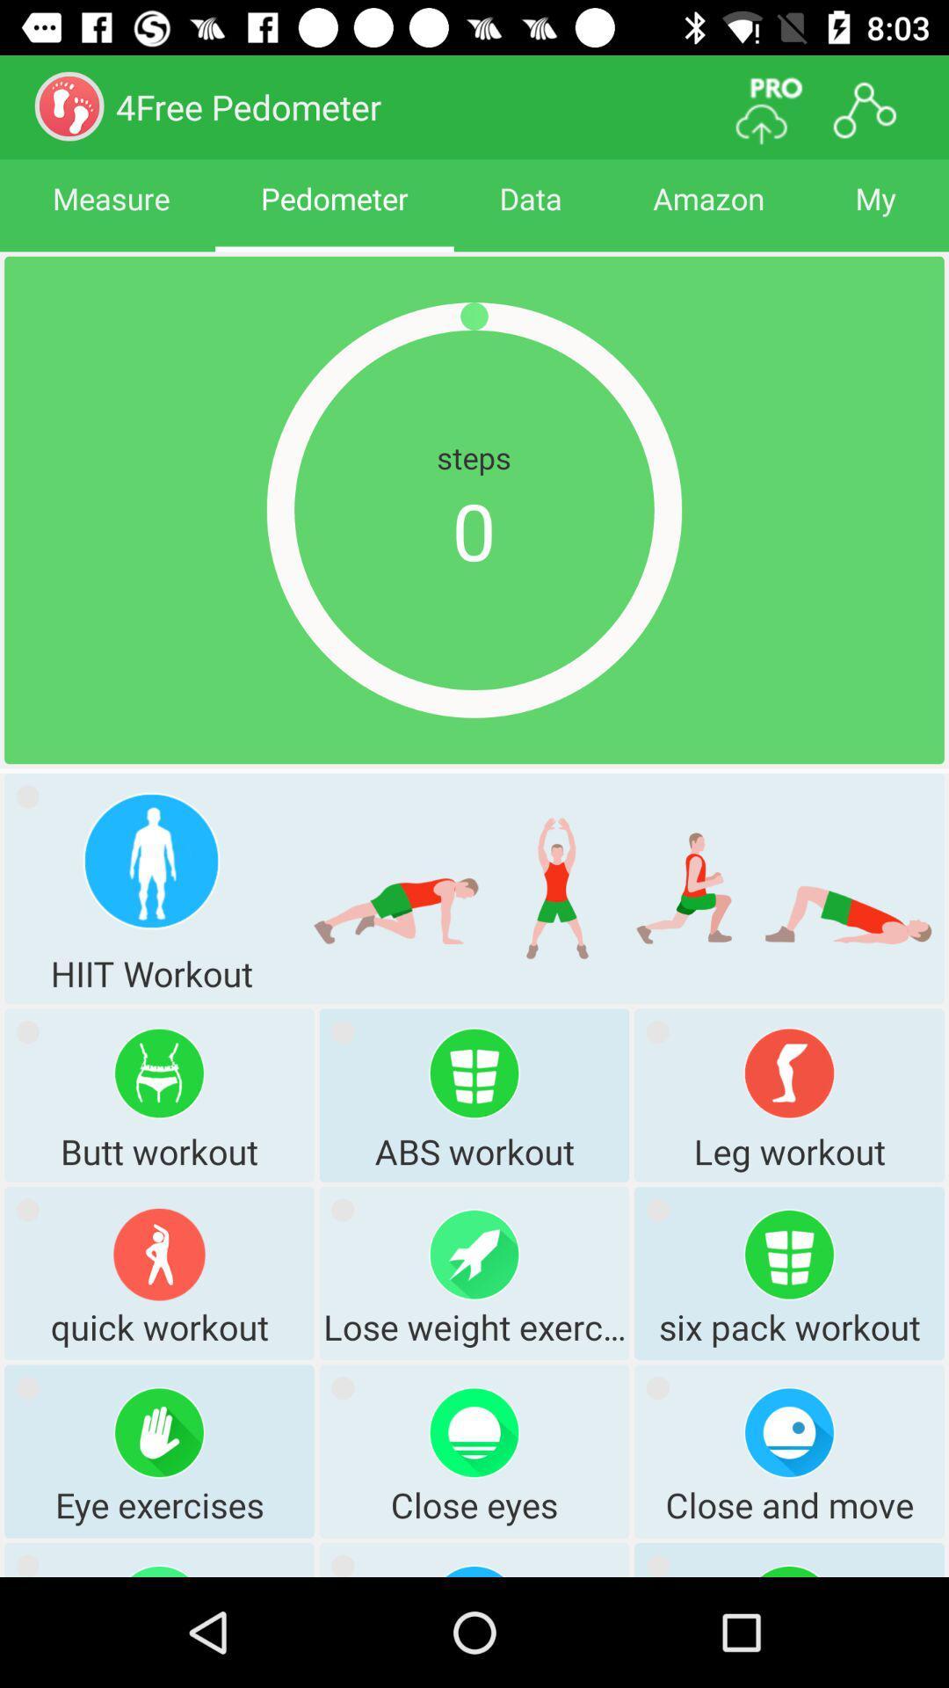 This screenshot has width=949, height=1688. Describe the element at coordinates (707, 214) in the screenshot. I see `amazon item` at that location.